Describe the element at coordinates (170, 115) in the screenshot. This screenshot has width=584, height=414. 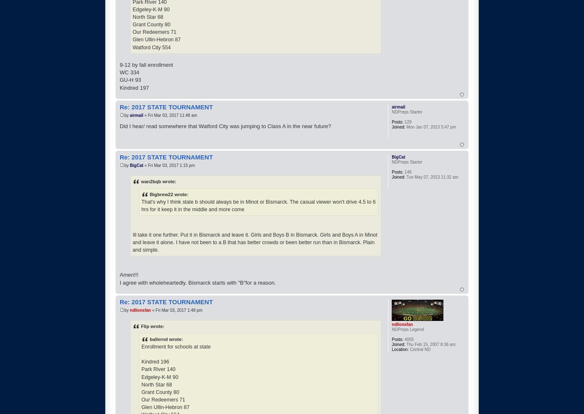
I see `'» Fri Mar 03, 2017 11:48 am'` at that location.